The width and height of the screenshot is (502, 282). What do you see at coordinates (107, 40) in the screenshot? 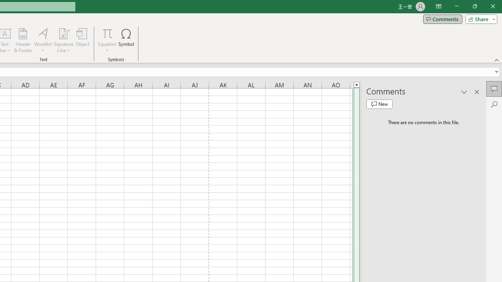
I see `'Equation'` at bounding box center [107, 40].